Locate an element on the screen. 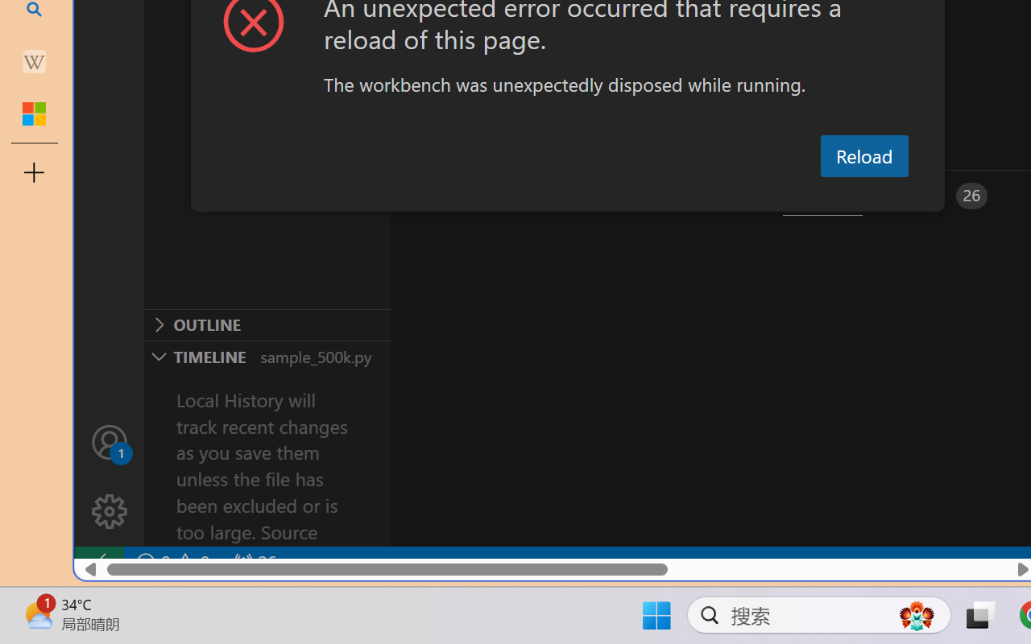 This screenshot has width=1031, height=644. 'Outline Section' is located at coordinates (267, 324).